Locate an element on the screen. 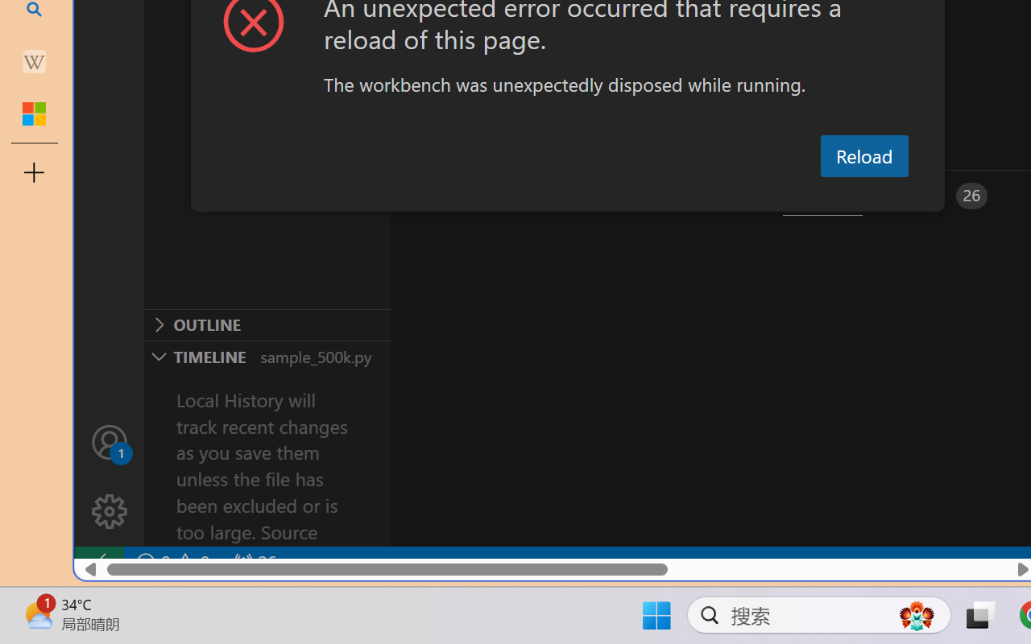 This screenshot has width=1031, height=644. 'Outline Section' is located at coordinates (267, 324).